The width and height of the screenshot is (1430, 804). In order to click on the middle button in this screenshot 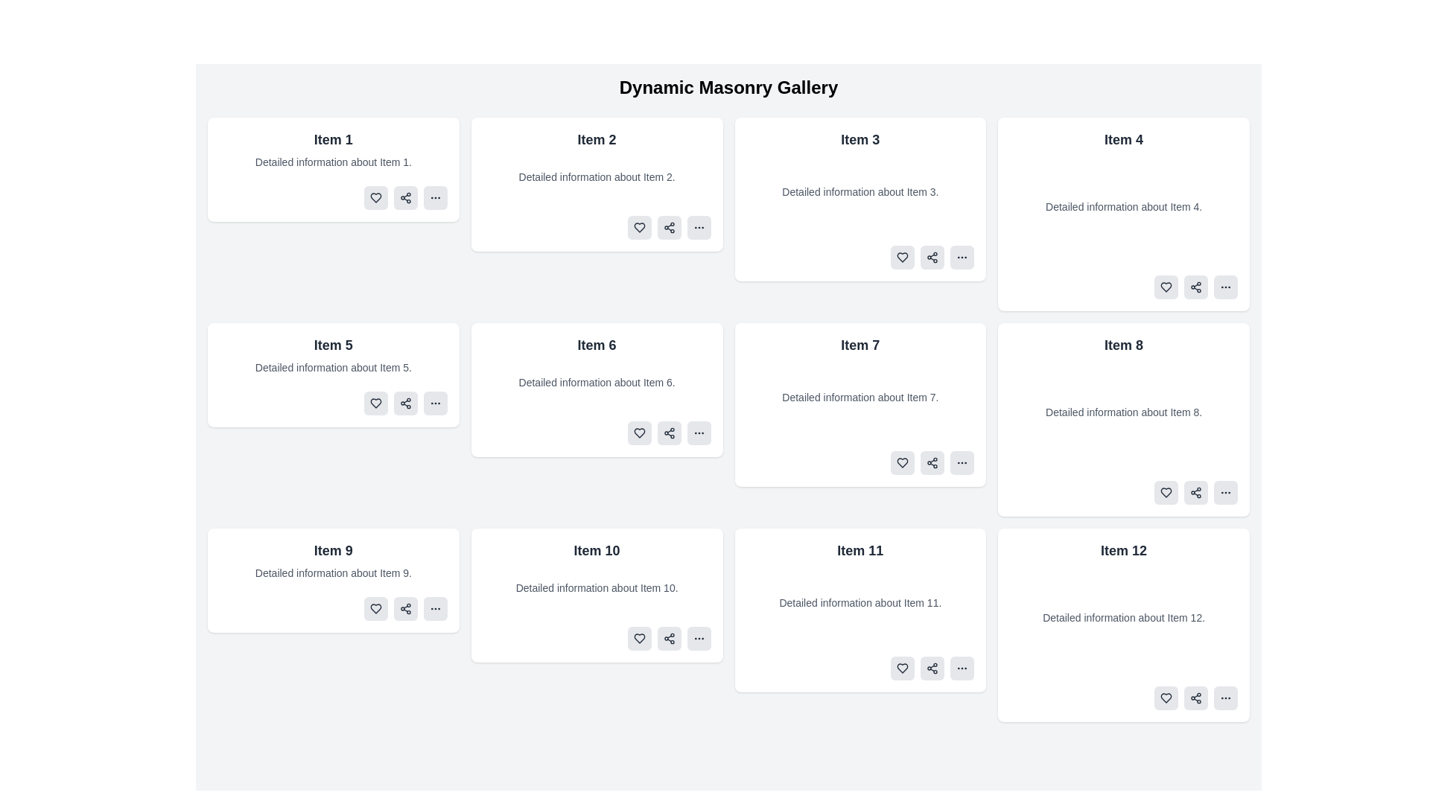, I will do `click(668, 433)`.